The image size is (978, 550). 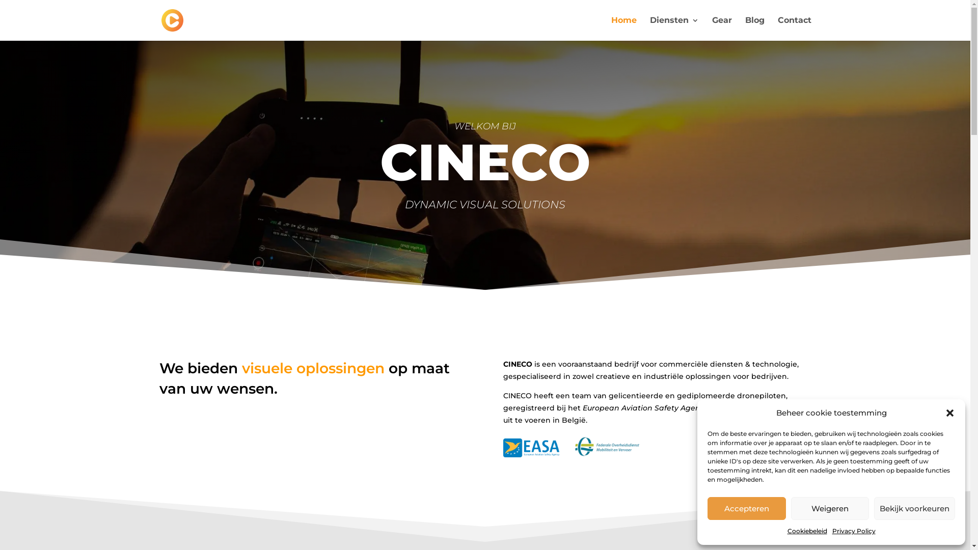 I want to click on 'Privacy Policy', so click(x=832, y=530).